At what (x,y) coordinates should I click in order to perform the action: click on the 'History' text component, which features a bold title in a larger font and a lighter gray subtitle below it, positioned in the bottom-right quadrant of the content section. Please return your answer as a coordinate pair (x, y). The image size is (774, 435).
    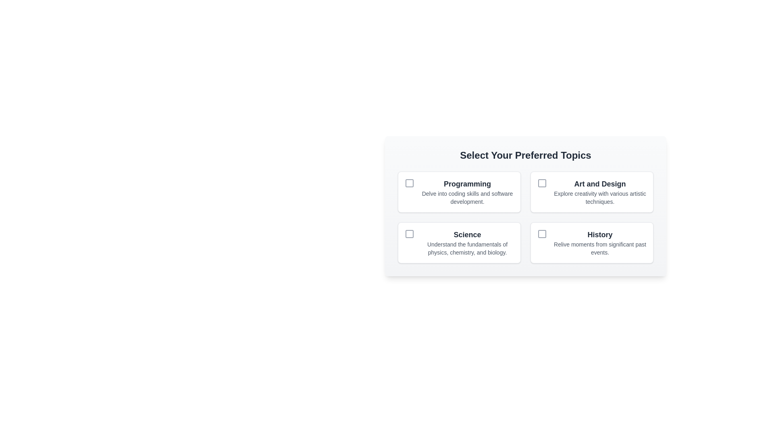
    Looking at the image, I should click on (600, 242).